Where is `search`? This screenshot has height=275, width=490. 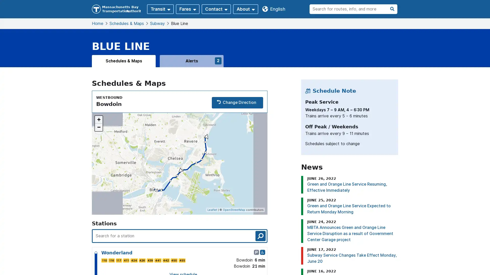 search is located at coordinates (260, 236).